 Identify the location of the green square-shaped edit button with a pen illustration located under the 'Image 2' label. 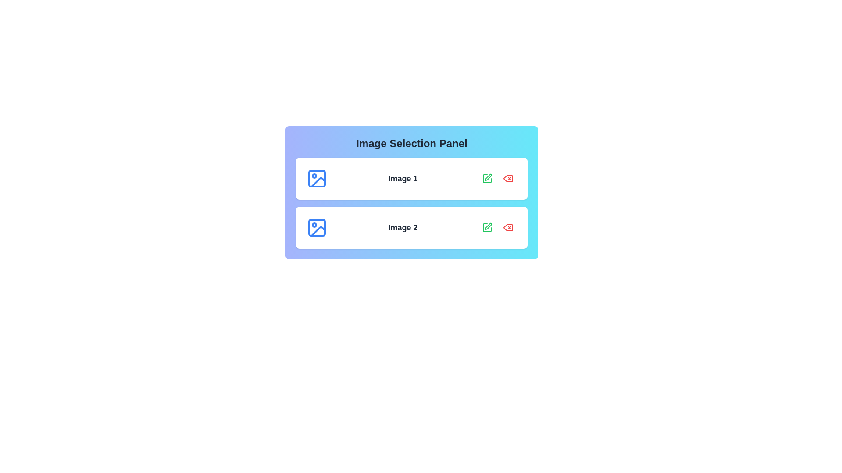
(486, 227).